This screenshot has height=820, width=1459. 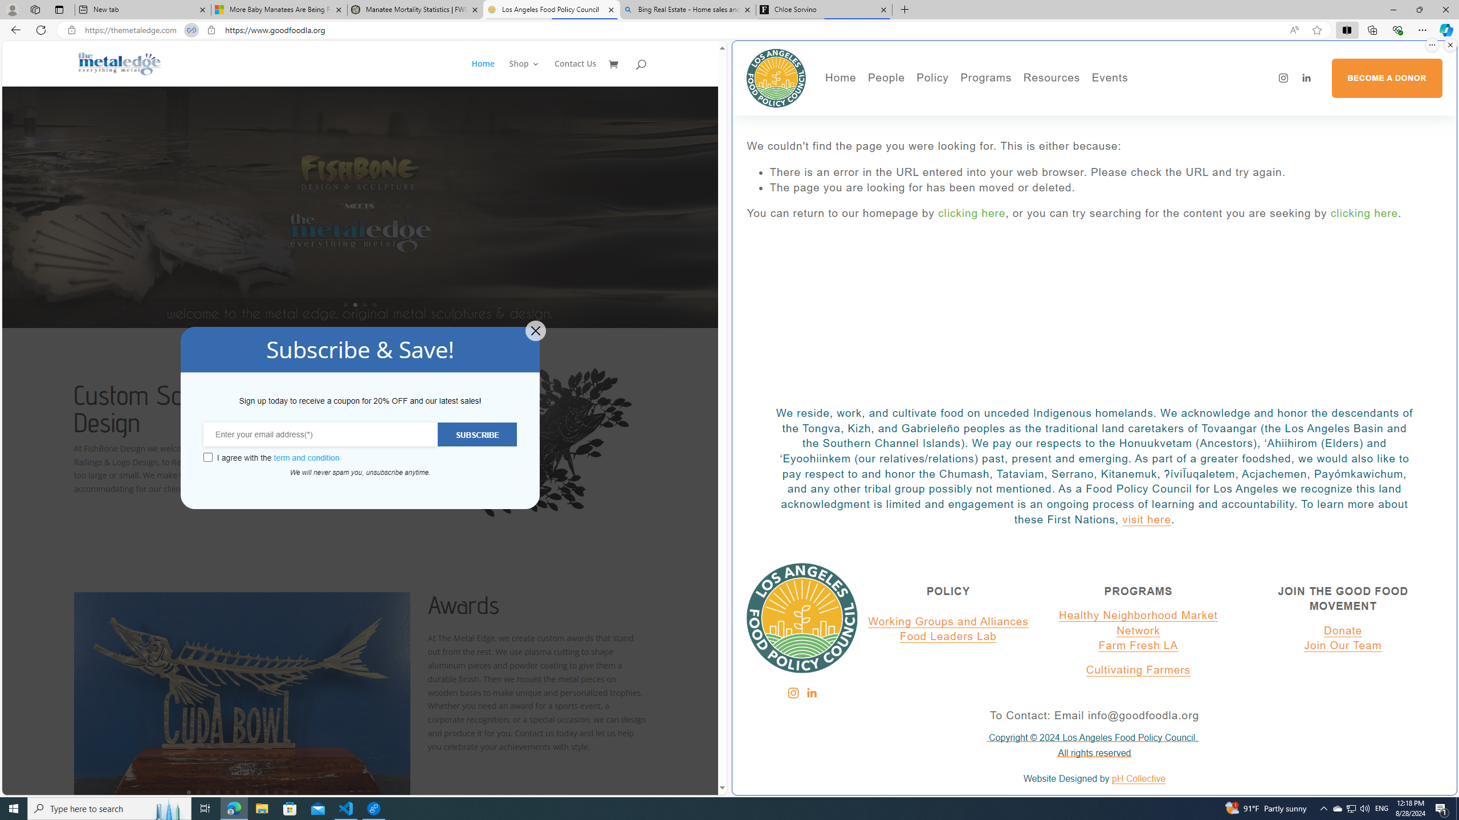 What do you see at coordinates (686, 9) in the screenshot?
I see `'Bing Real Estate - Home sales and rental listings'` at bounding box center [686, 9].